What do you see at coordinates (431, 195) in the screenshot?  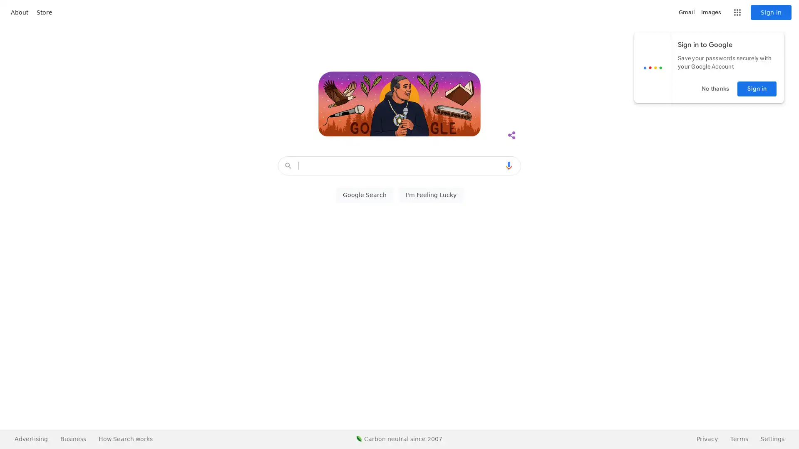 I see `I'm Feeling Lucky` at bounding box center [431, 195].